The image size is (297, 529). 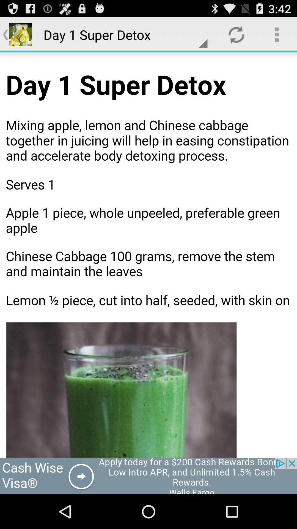 I want to click on open visa advertisement website, so click(x=148, y=476).